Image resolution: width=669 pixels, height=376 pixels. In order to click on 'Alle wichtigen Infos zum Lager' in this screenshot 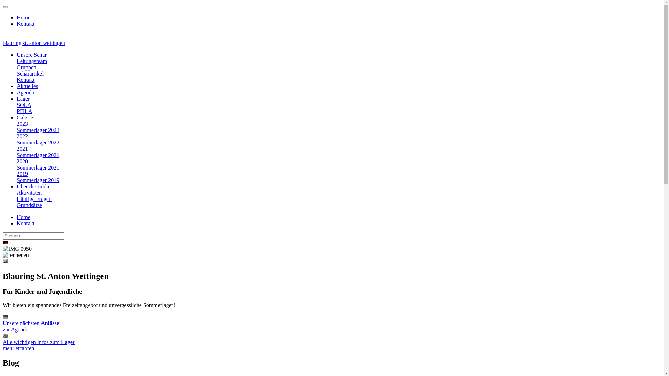, I will do `click(5, 335)`.